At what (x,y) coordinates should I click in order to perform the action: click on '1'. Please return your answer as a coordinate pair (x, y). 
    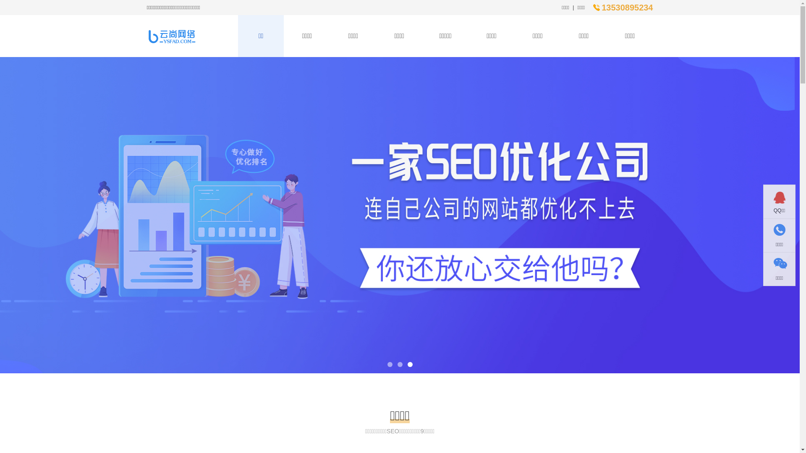
    Looking at the image, I should click on (389, 364).